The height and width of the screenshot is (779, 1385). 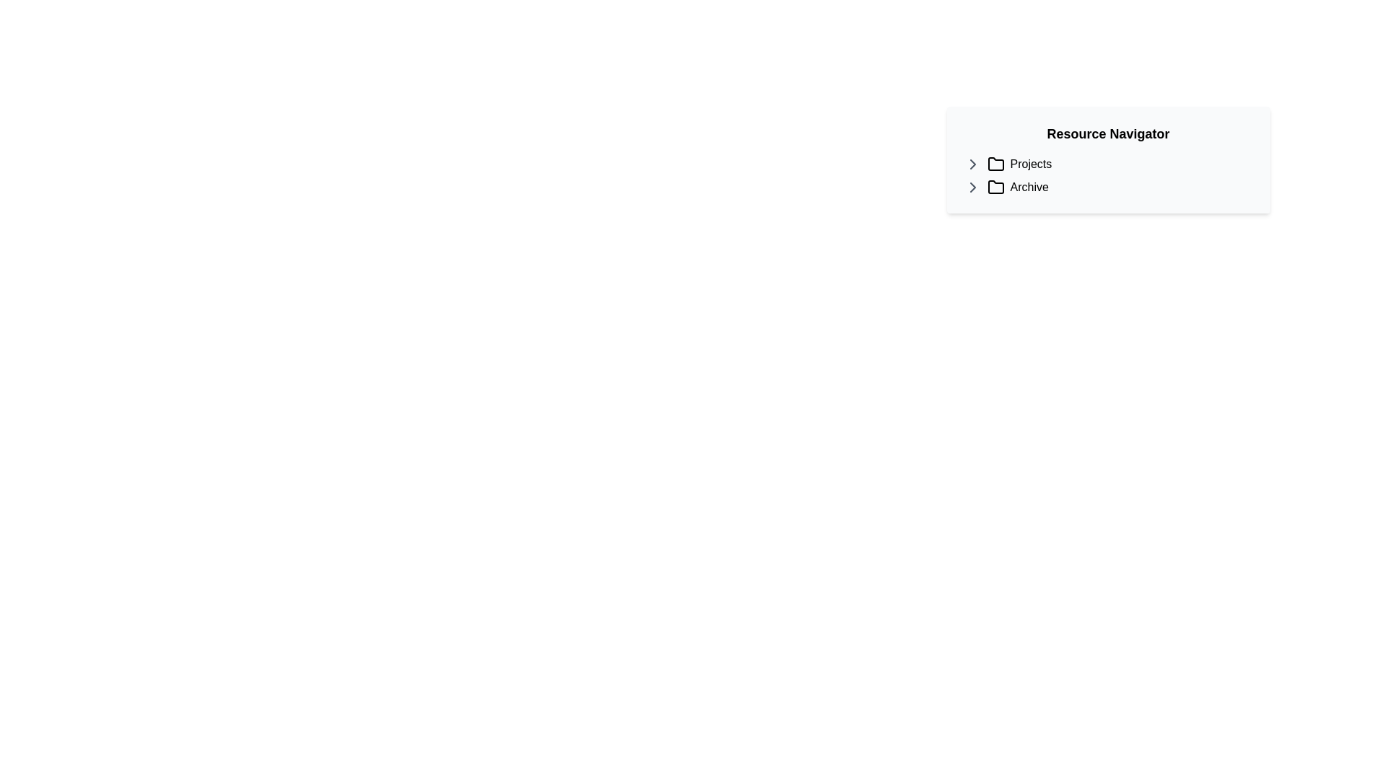 What do you see at coordinates (972, 186) in the screenshot?
I see `the arrow icon to the left of the 'Archive' text in the 'Resource Navigator' section` at bounding box center [972, 186].